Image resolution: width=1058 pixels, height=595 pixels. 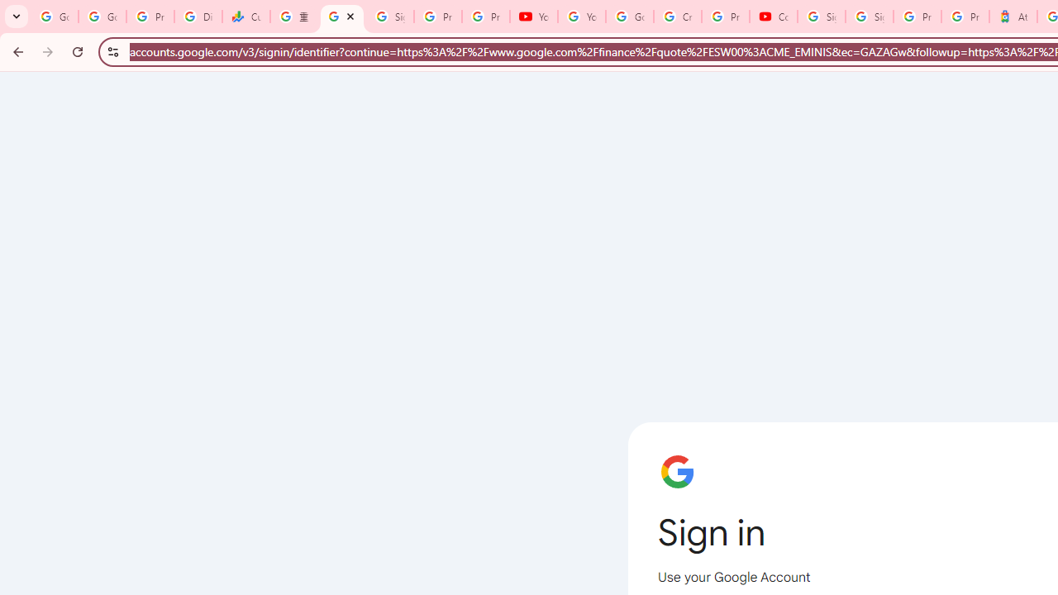 What do you see at coordinates (533, 17) in the screenshot?
I see `'YouTube'` at bounding box center [533, 17].